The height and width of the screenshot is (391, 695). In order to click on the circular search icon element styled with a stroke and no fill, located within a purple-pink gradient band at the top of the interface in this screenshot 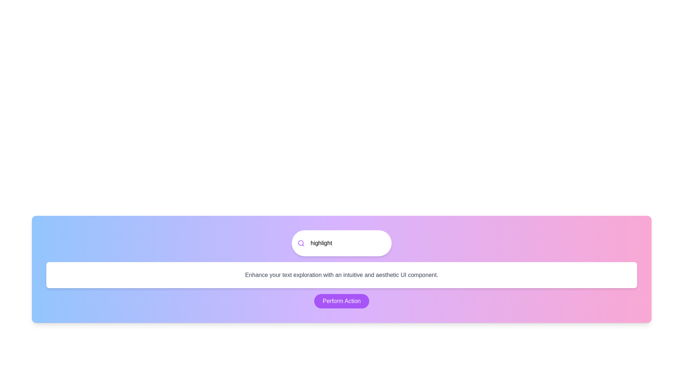, I will do `click(301, 243)`.